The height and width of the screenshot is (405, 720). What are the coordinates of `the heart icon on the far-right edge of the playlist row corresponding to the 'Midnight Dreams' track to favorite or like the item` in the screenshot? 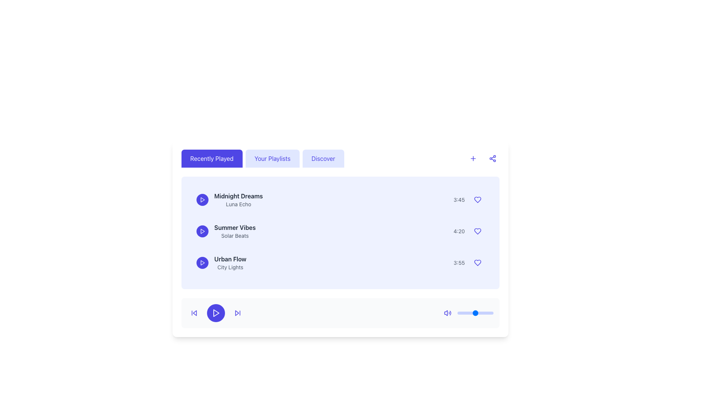 It's located at (477, 199).